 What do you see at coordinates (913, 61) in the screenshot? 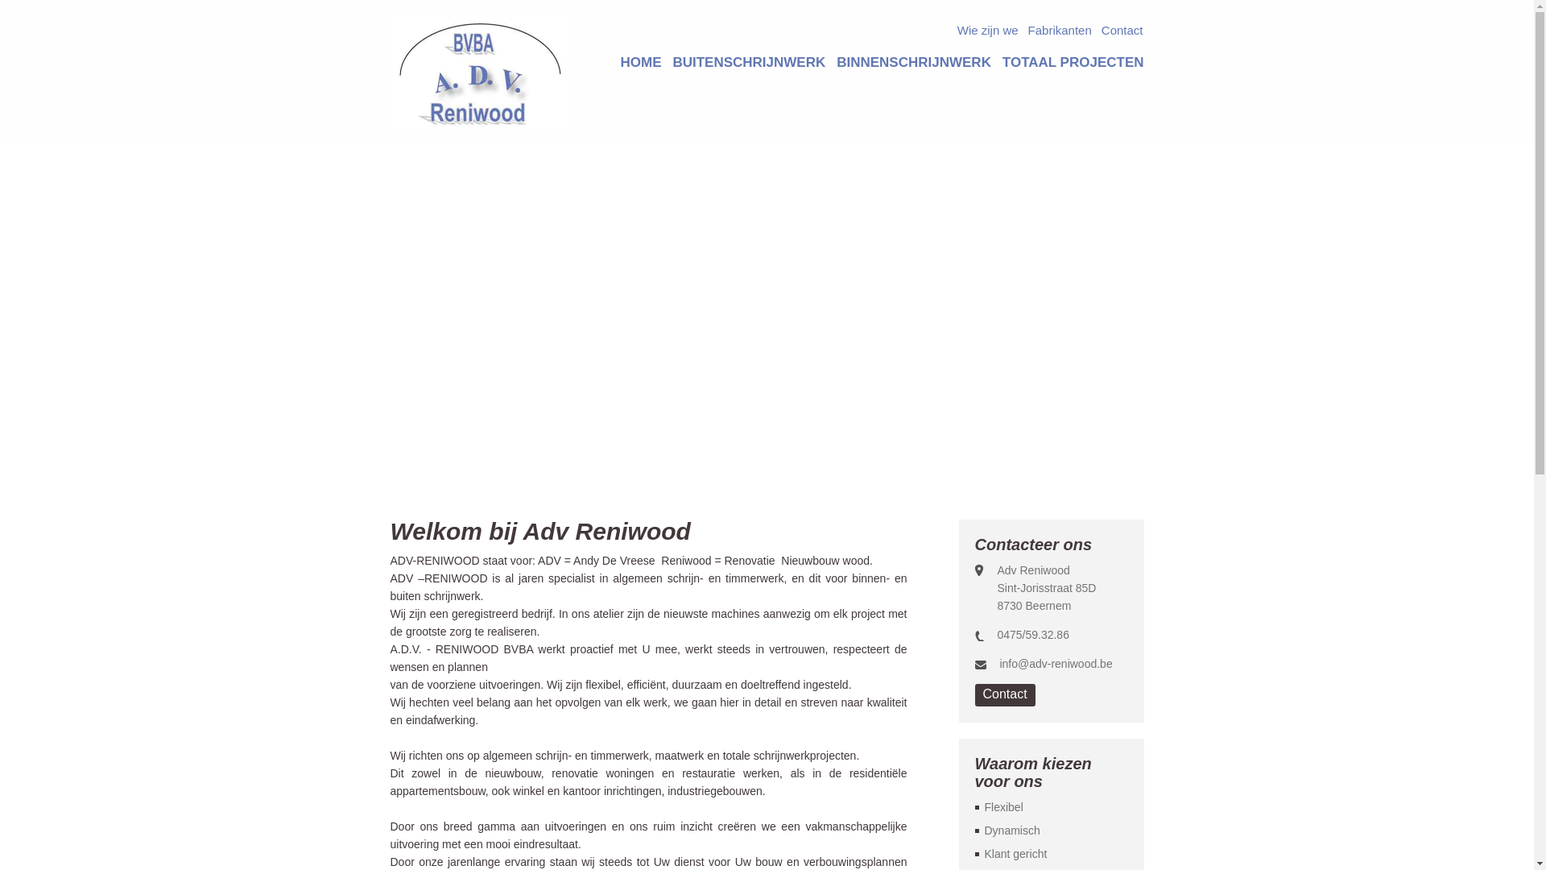
I see `'BINNENSCHRIJNWERK'` at bounding box center [913, 61].